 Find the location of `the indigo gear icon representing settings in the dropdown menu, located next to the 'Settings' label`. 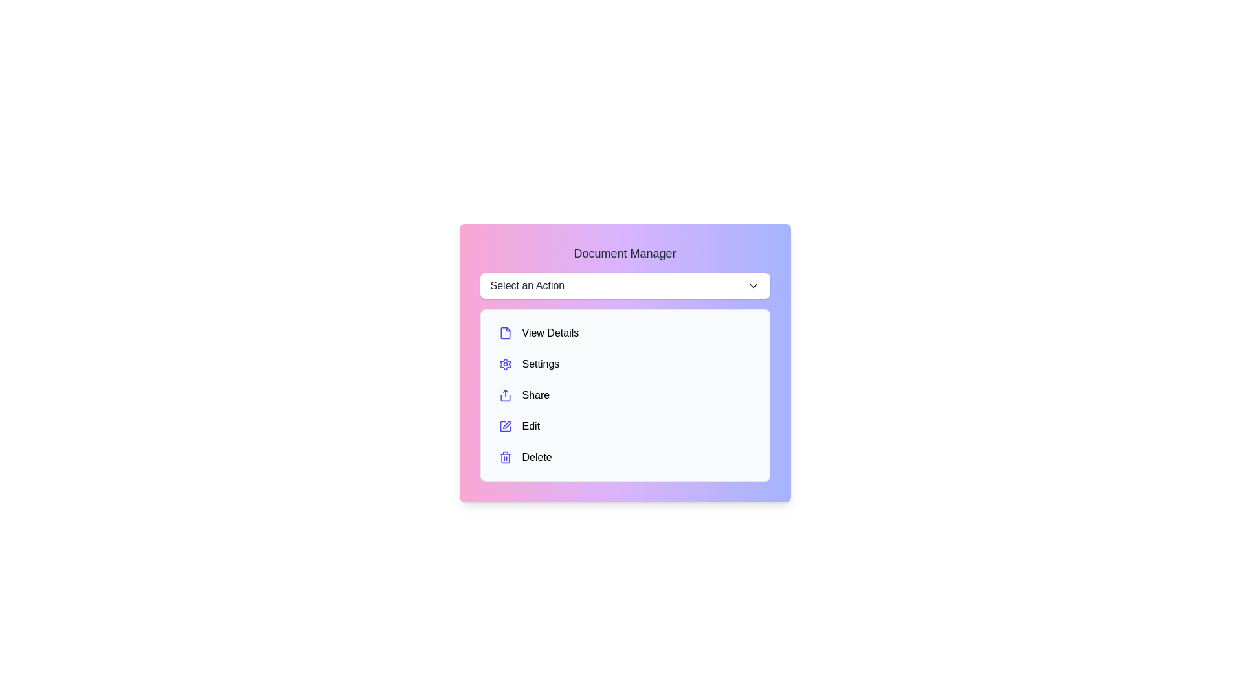

the indigo gear icon representing settings in the dropdown menu, located next to the 'Settings' label is located at coordinates (504, 364).